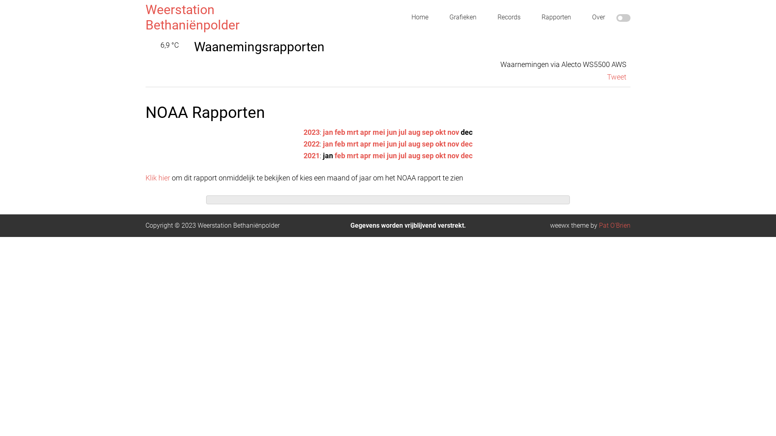  Describe the element at coordinates (365, 155) in the screenshot. I see `'apr'` at that location.